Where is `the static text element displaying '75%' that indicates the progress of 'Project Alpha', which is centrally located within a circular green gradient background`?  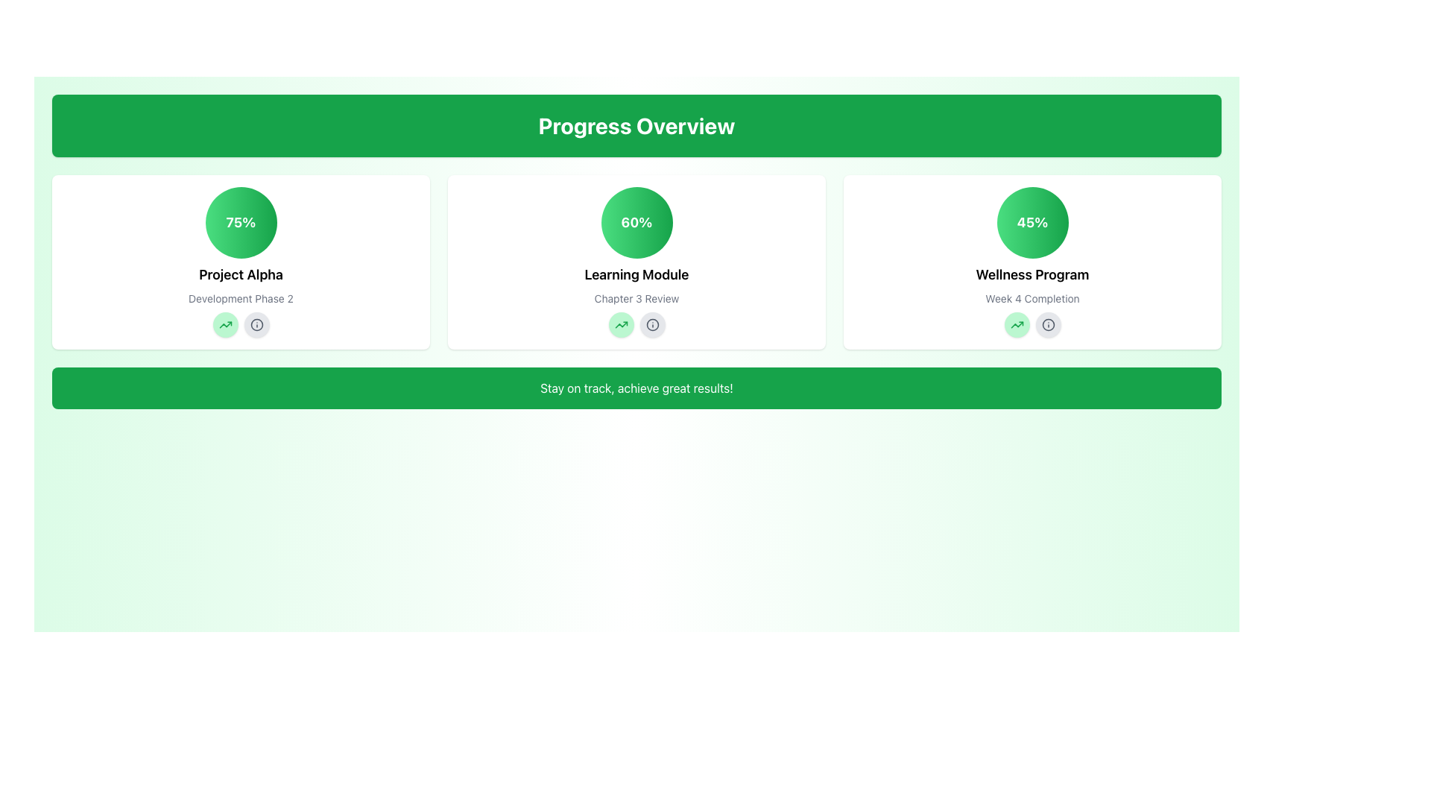
the static text element displaying '75%' that indicates the progress of 'Project Alpha', which is centrally located within a circular green gradient background is located at coordinates (241, 223).